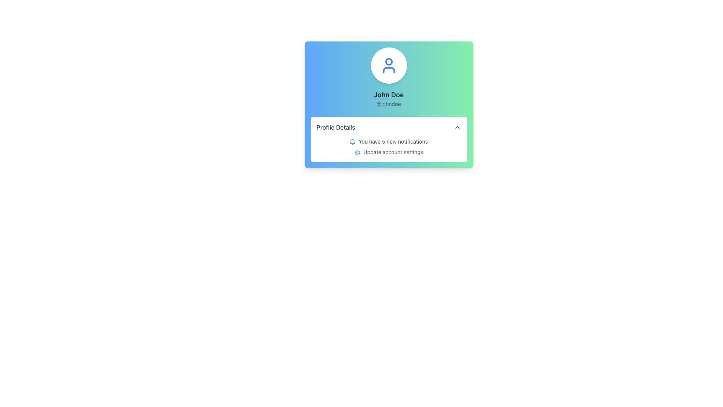 The height and width of the screenshot is (407, 723). Describe the element at coordinates (389, 61) in the screenshot. I see `the small circular shape located in the facial region of the illustrated user icon, which is centrally positioned on the top part of the face depiction` at that location.